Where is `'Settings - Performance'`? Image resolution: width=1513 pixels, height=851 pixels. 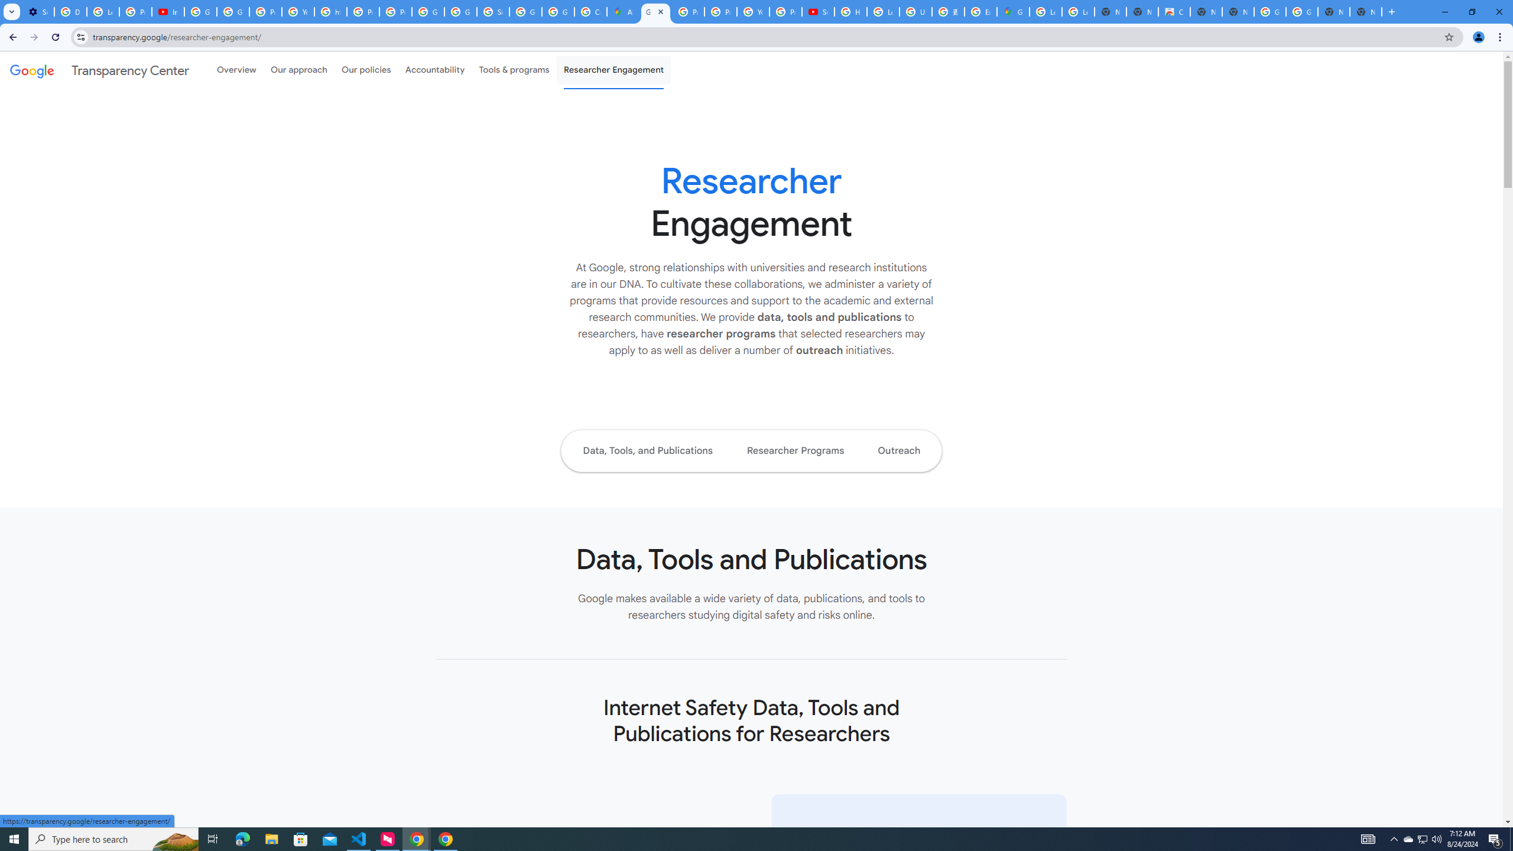
'Settings - Performance' is located at coordinates (38, 11).